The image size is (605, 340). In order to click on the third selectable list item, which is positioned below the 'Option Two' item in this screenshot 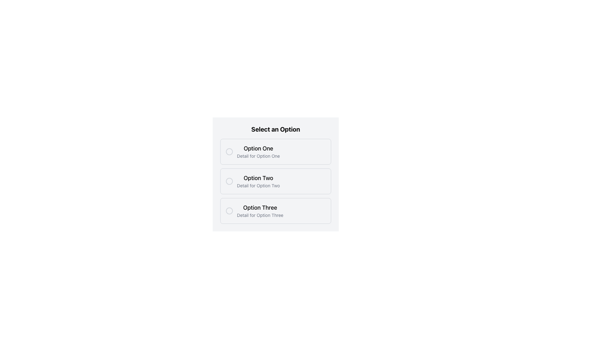, I will do `click(275, 211)`.